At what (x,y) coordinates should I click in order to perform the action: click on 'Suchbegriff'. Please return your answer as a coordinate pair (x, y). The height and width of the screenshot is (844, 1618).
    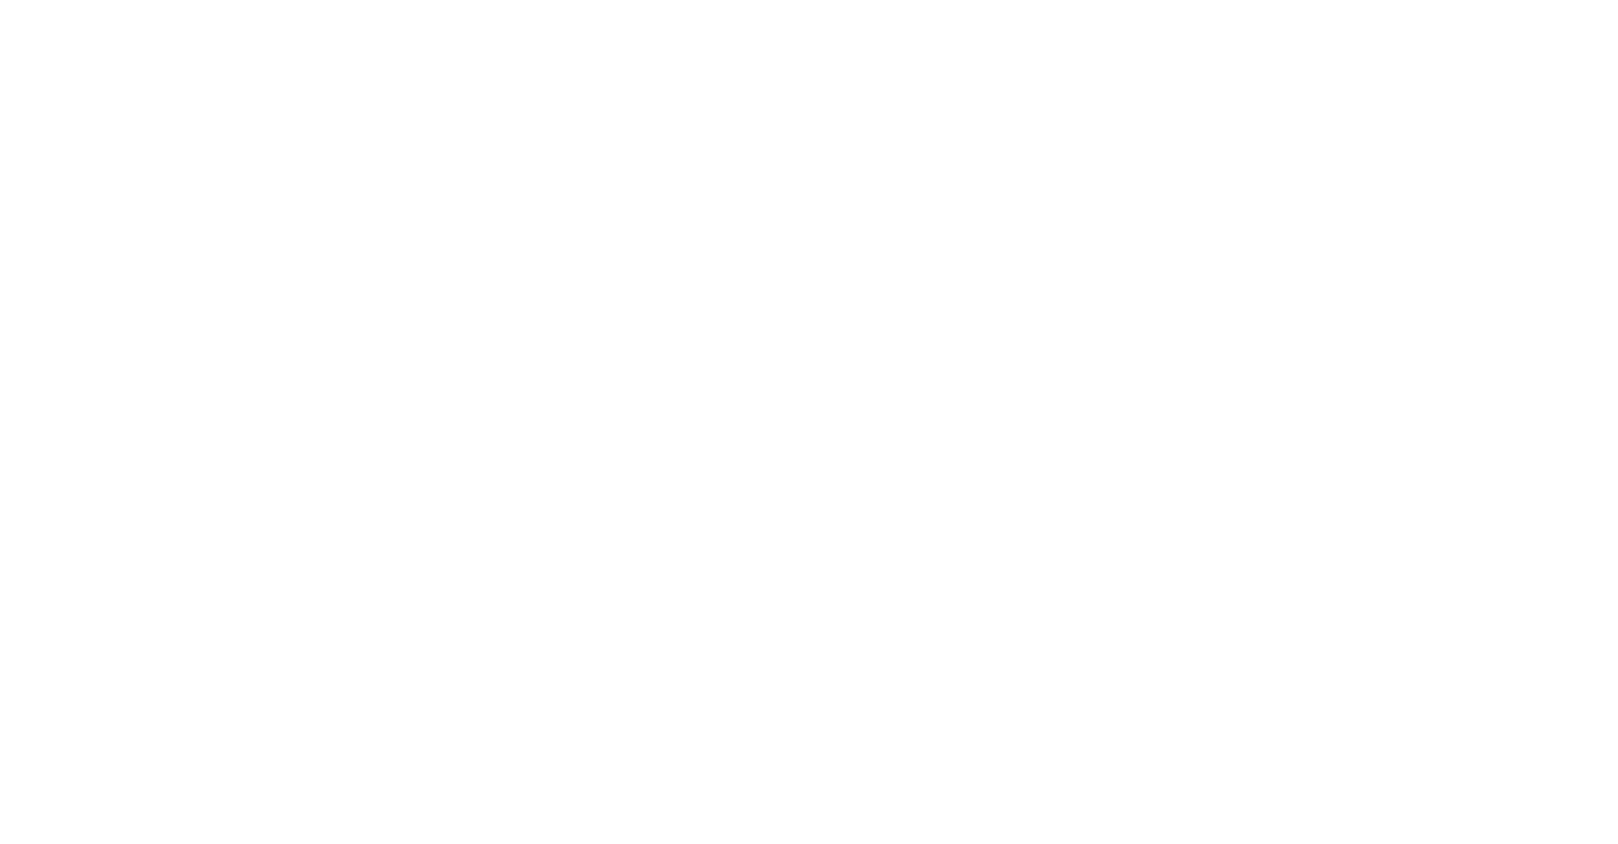
    Looking at the image, I should click on (1412, 815).